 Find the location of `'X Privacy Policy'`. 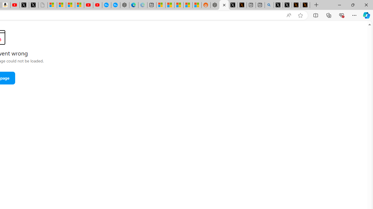

'X Privacy Policy' is located at coordinates (305, 5).